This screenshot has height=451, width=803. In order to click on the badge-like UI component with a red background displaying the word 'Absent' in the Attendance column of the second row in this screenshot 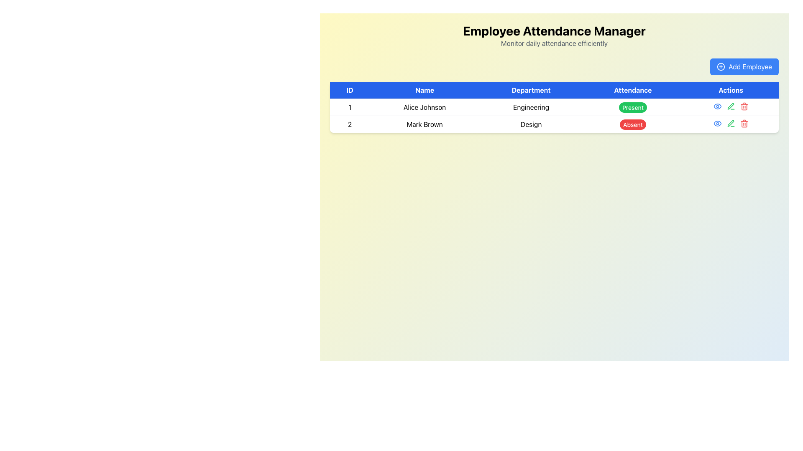, I will do `click(633, 124)`.